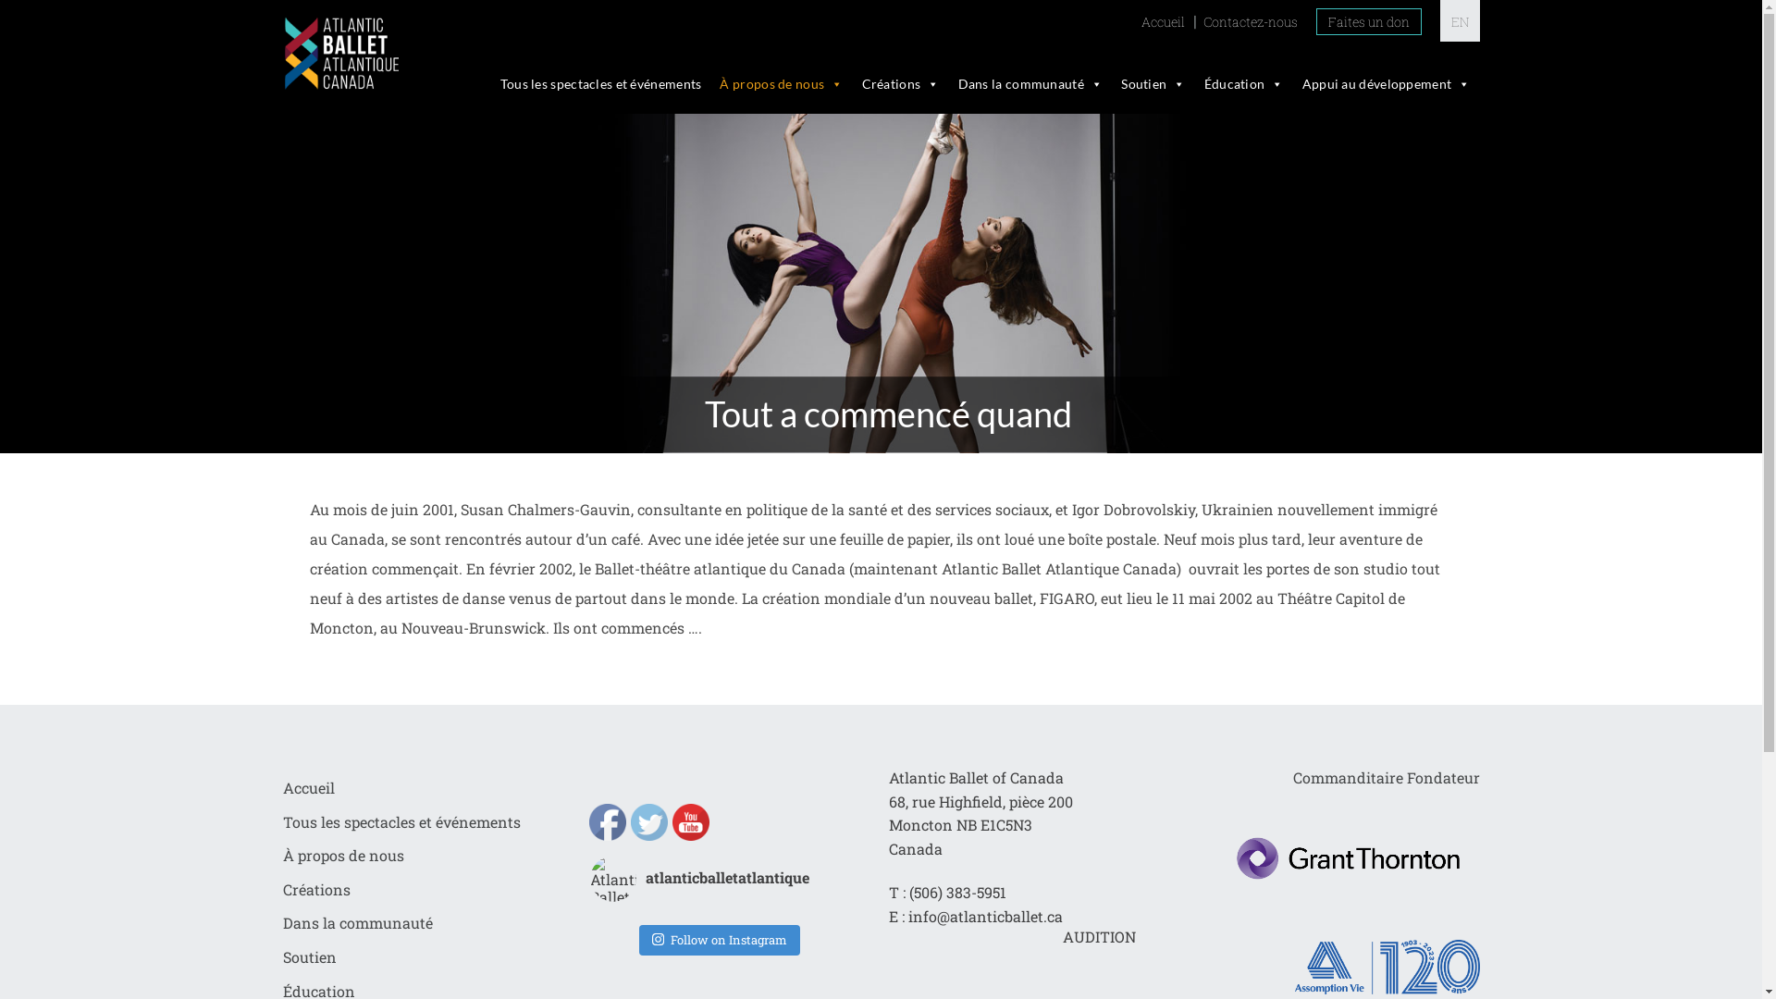 Image resolution: width=1776 pixels, height=999 pixels. Describe the element at coordinates (1458, 21) in the screenshot. I see `'EN'` at that location.